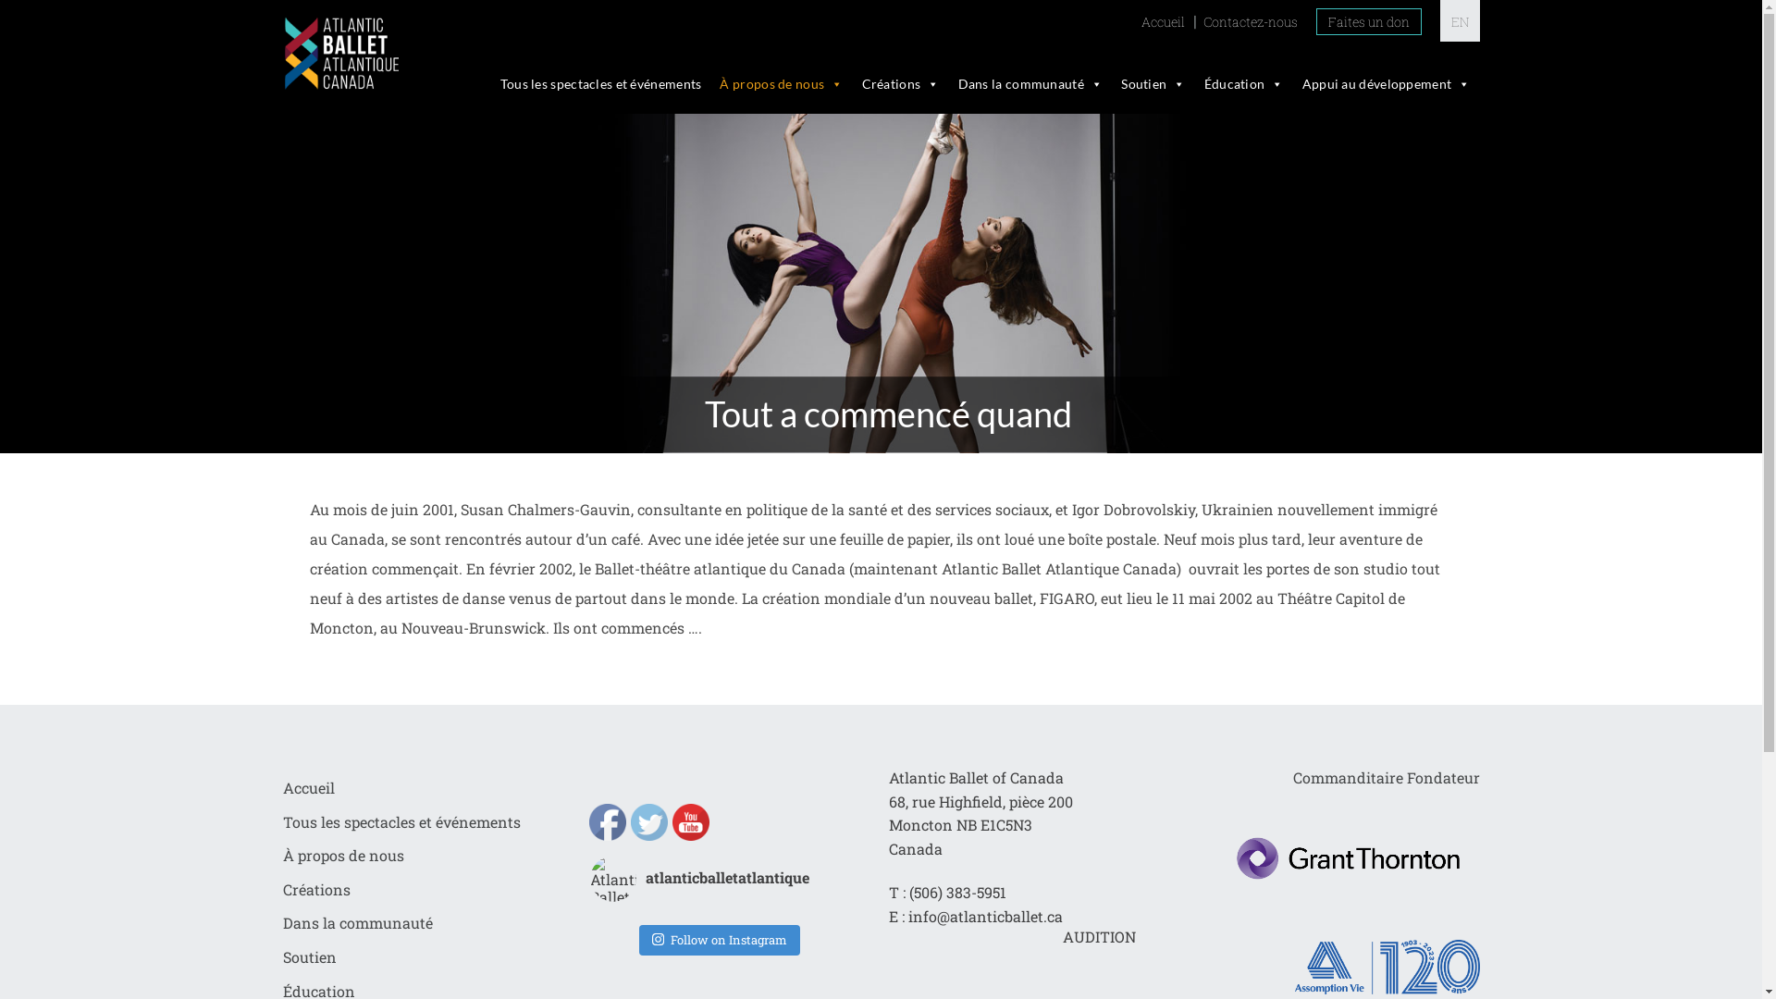 Image resolution: width=1776 pixels, height=999 pixels. Describe the element at coordinates (1458, 21) in the screenshot. I see `'EN'` at that location.